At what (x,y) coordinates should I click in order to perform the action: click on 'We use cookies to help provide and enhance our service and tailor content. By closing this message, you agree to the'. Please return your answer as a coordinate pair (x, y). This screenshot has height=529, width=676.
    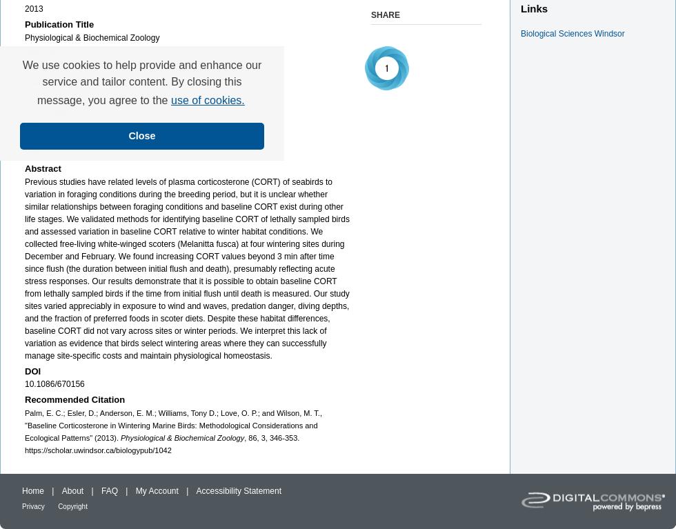
    Looking at the image, I should click on (141, 83).